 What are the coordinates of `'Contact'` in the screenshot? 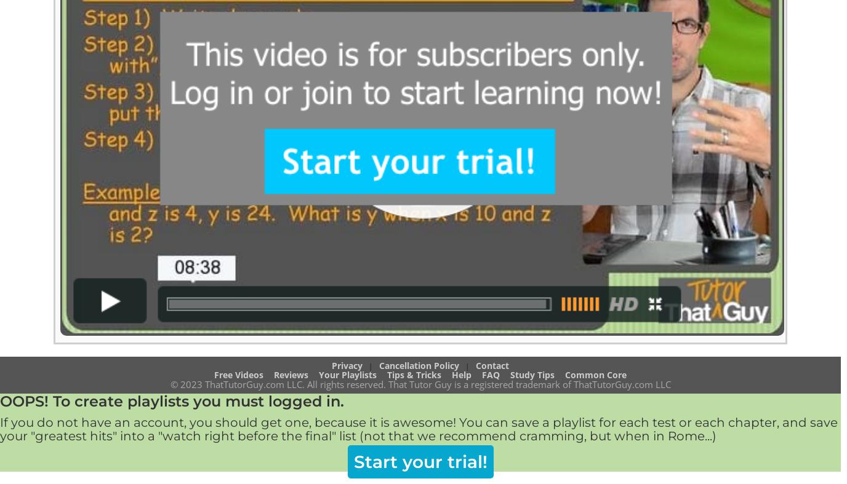 It's located at (475, 364).